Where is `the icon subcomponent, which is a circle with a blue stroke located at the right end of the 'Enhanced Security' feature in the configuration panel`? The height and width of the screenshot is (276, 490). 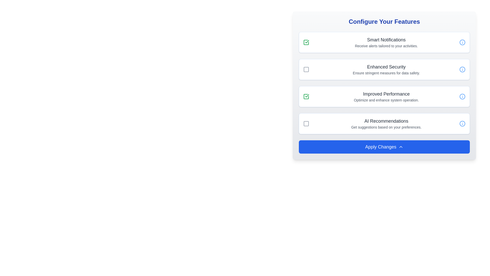 the icon subcomponent, which is a circle with a blue stroke located at the right end of the 'Enhanced Security' feature in the configuration panel is located at coordinates (462, 70).